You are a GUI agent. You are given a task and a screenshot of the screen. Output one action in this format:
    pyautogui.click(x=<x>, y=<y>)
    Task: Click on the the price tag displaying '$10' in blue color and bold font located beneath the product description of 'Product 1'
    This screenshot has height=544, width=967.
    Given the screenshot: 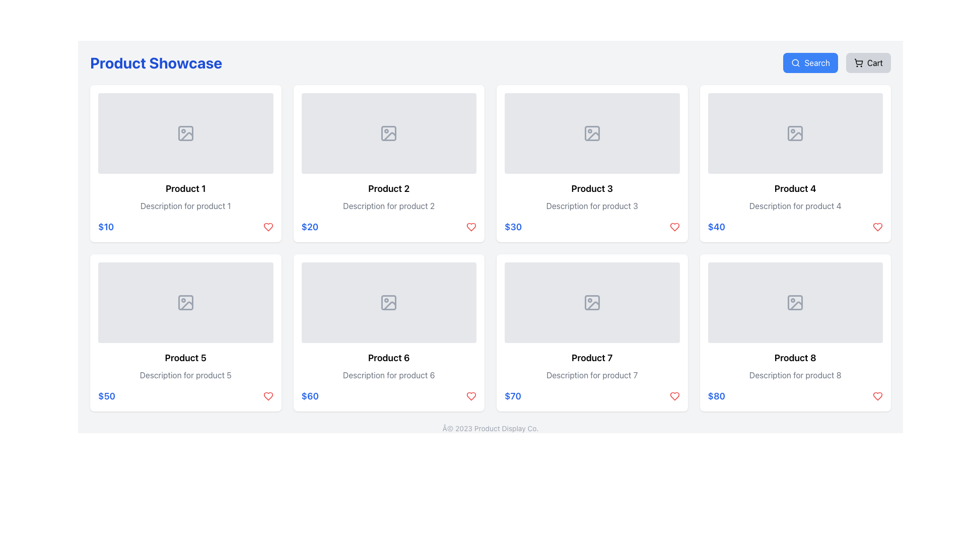 What is the action you would take?
    pyautogui.click(x=106, y=227)
    